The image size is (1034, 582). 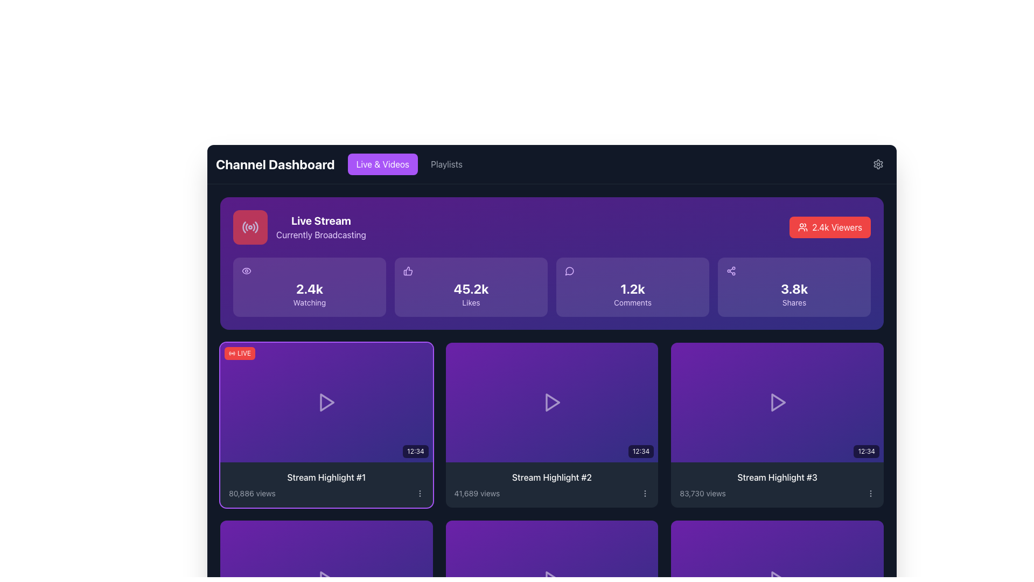 What do you see at coordinates (326, 477) in the screenshot?
I see `title text label associated with the first video highlight, which is located in the lower portion of a card with a purple background` at bounding box center [326, 477].